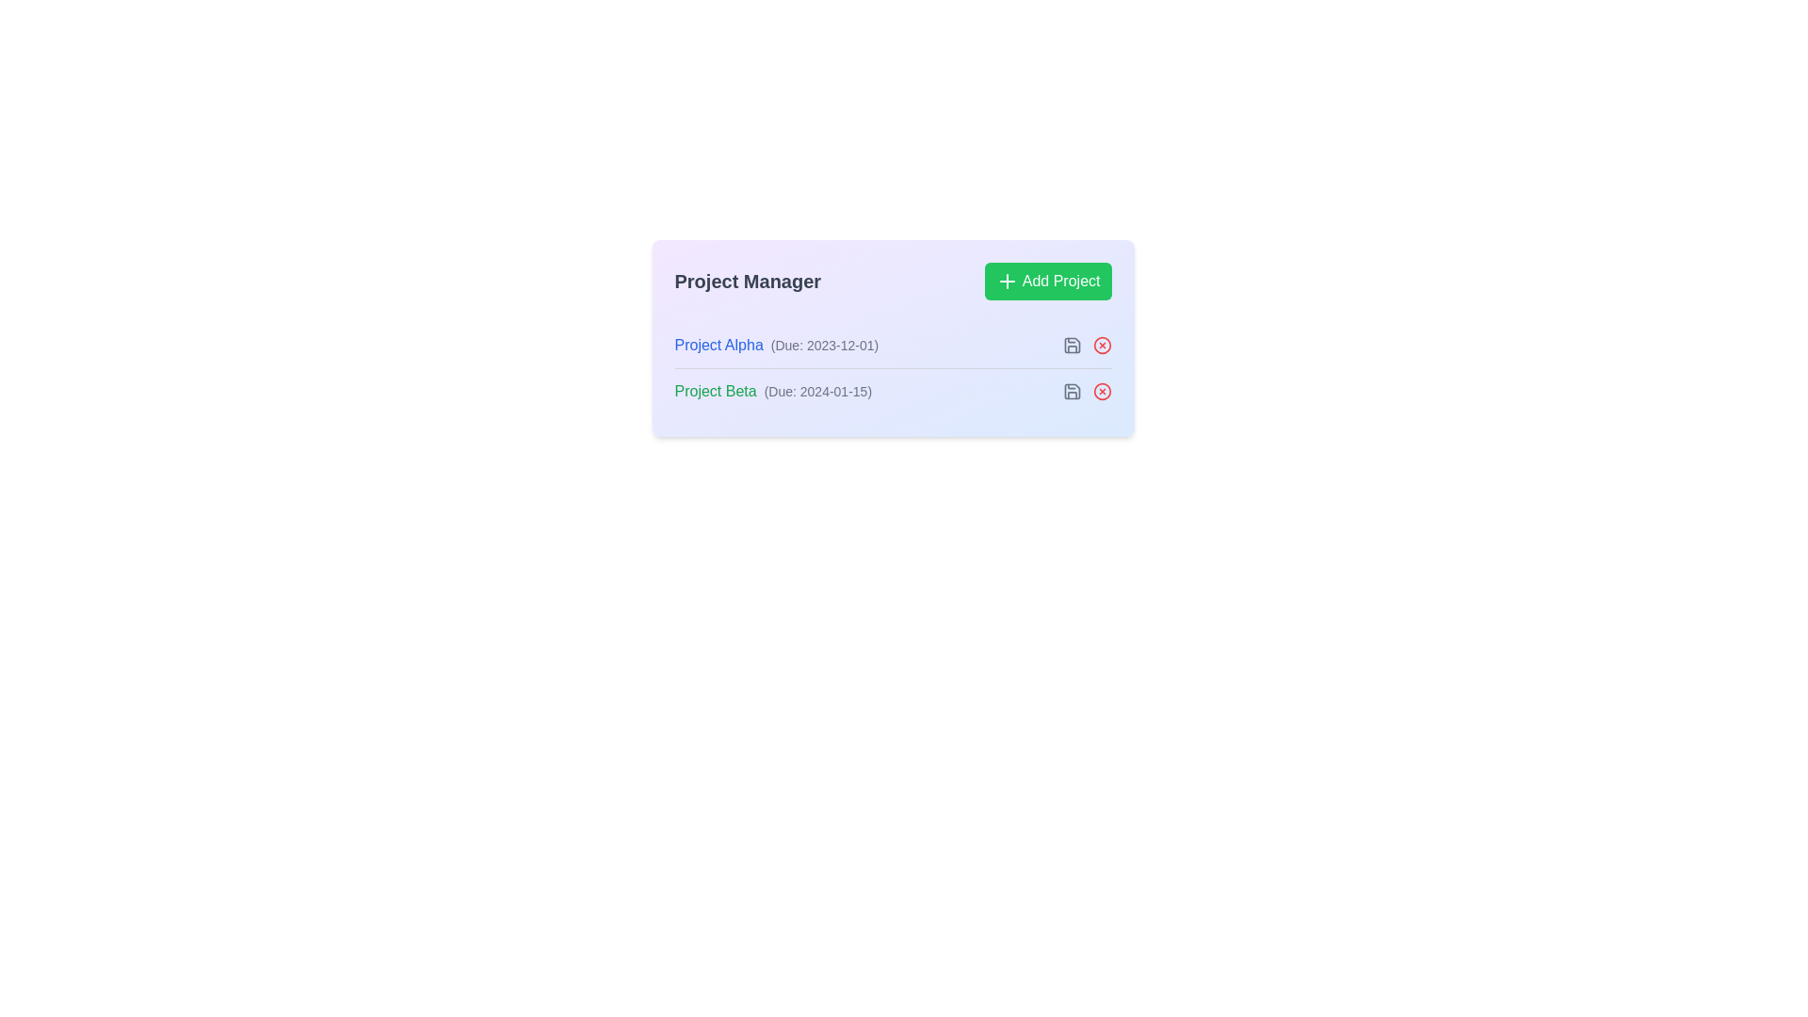 The width and height of the screenshot is (1808, 1017). I want to click on the 'Project Alpha' text label located in the 'Project Manager' section, which is the first visible item in the list of projects, so click(718, 345).